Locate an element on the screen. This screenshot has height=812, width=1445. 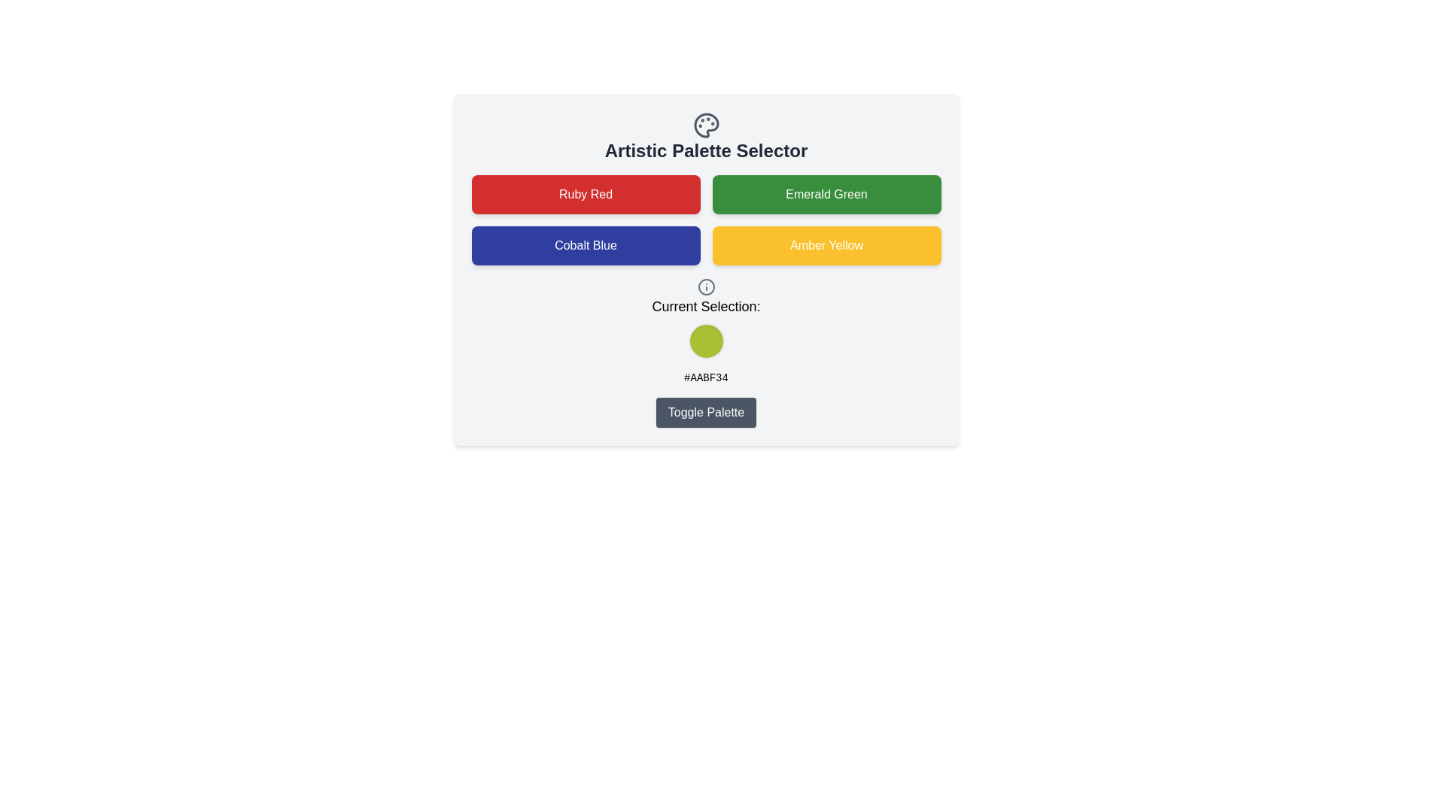
the header text 'Artistic Palette Selector' which is styled in bold, large font and located centrally near the top of the interface, just below a palette icon is located at coordinates (705, 150).